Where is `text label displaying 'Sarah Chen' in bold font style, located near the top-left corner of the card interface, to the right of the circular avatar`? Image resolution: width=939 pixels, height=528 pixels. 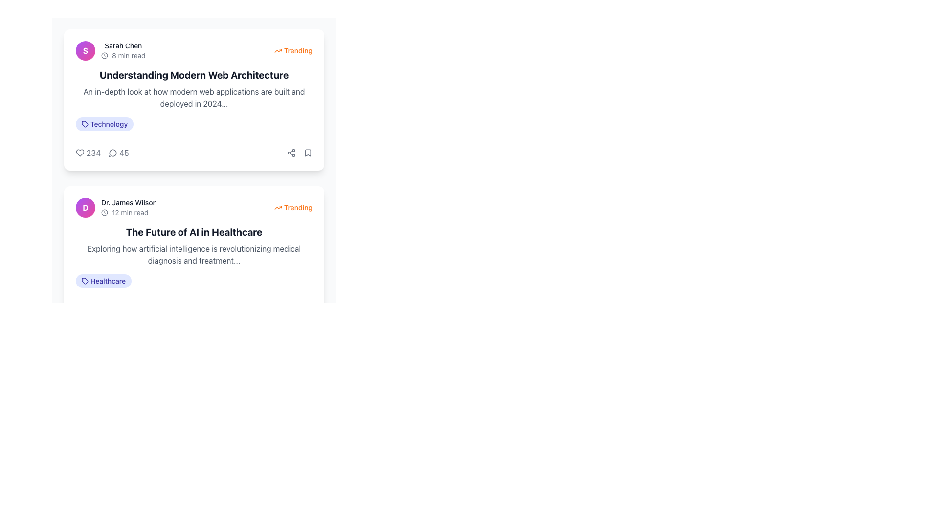 text label displaying 'Sarah Chen' in bold font style, located near the top-left corner of the card interface, to the right of the circular avatar is located at coordinates (123, 45).